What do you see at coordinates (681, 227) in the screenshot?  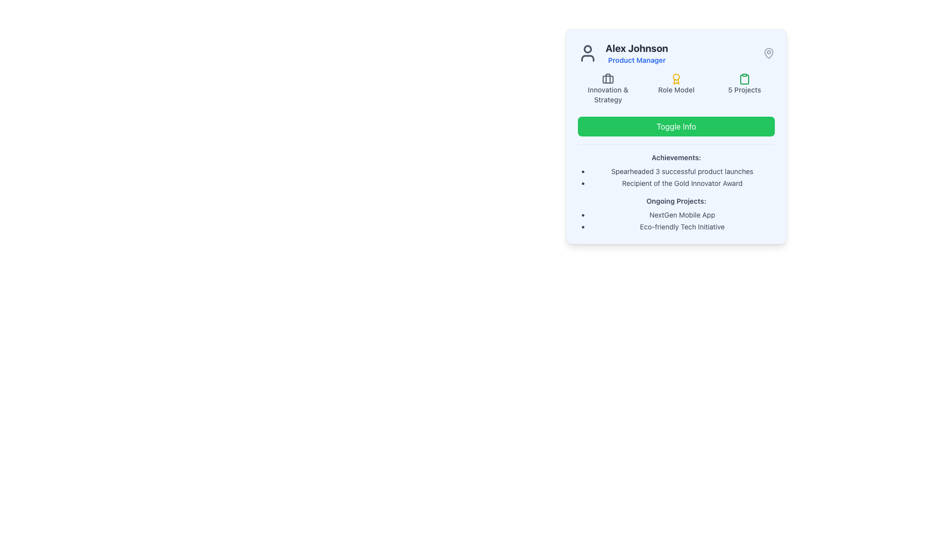 I see `the second item in the bullet-point list titled 'Ongoing Projects' within the blue-tinted information card` at bounding box center [681, 227].